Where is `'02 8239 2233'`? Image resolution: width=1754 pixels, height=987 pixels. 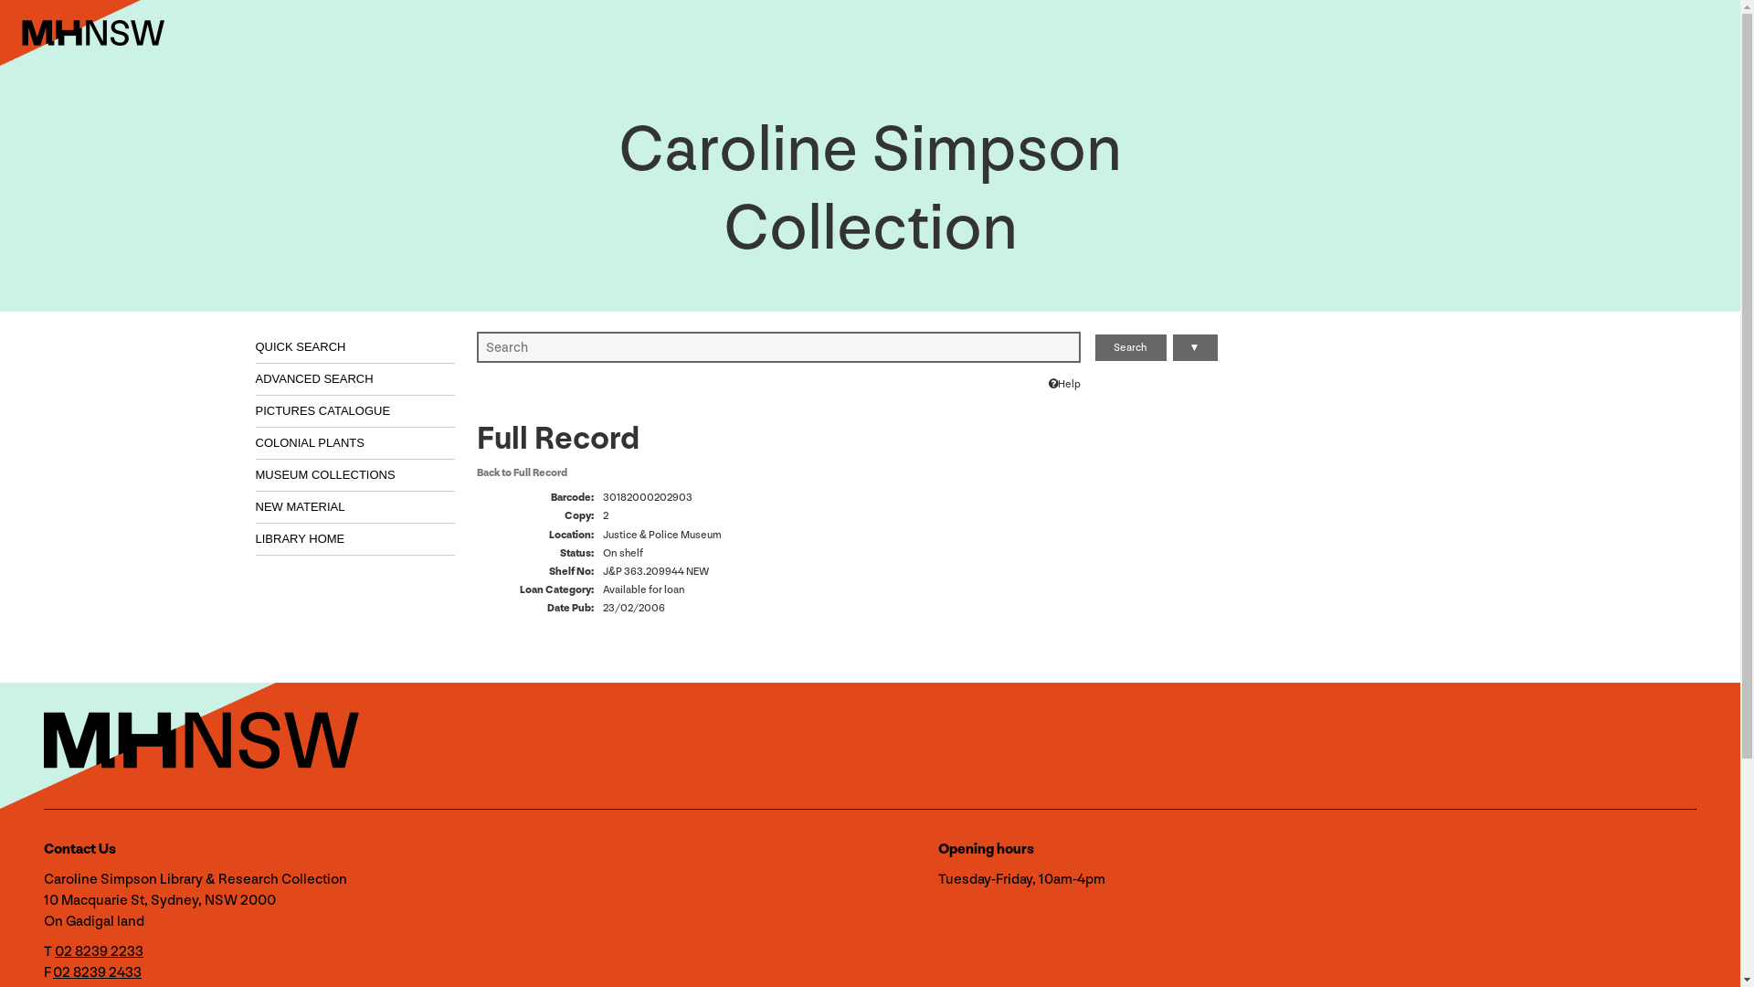 '02 8239 2233' is located at coordinates (98, 950).